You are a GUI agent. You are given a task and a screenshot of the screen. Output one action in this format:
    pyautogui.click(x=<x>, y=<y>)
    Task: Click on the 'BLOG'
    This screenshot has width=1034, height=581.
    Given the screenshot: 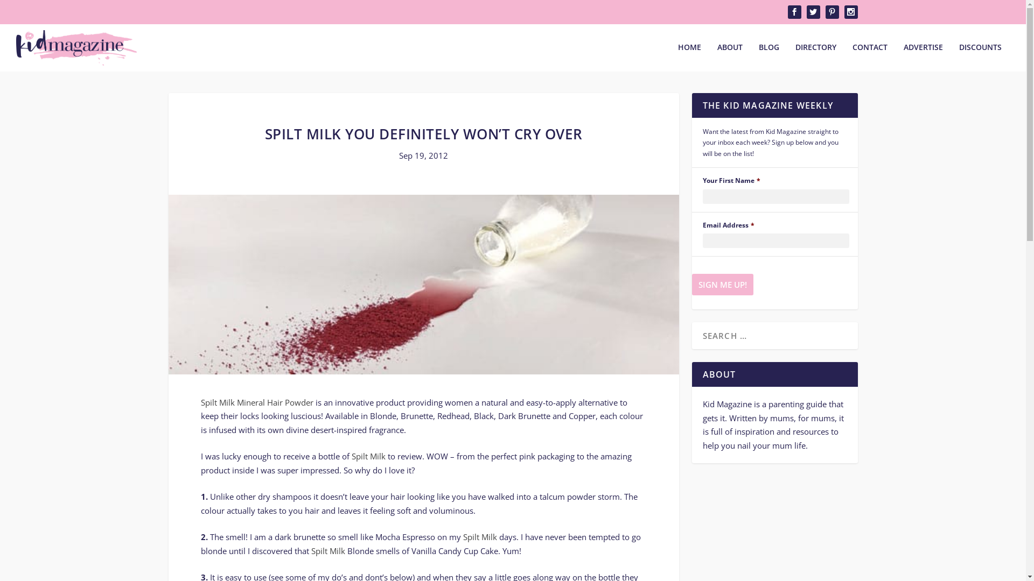 What is the action you would take?
    pyautogui.click(x=768, y=57)
    